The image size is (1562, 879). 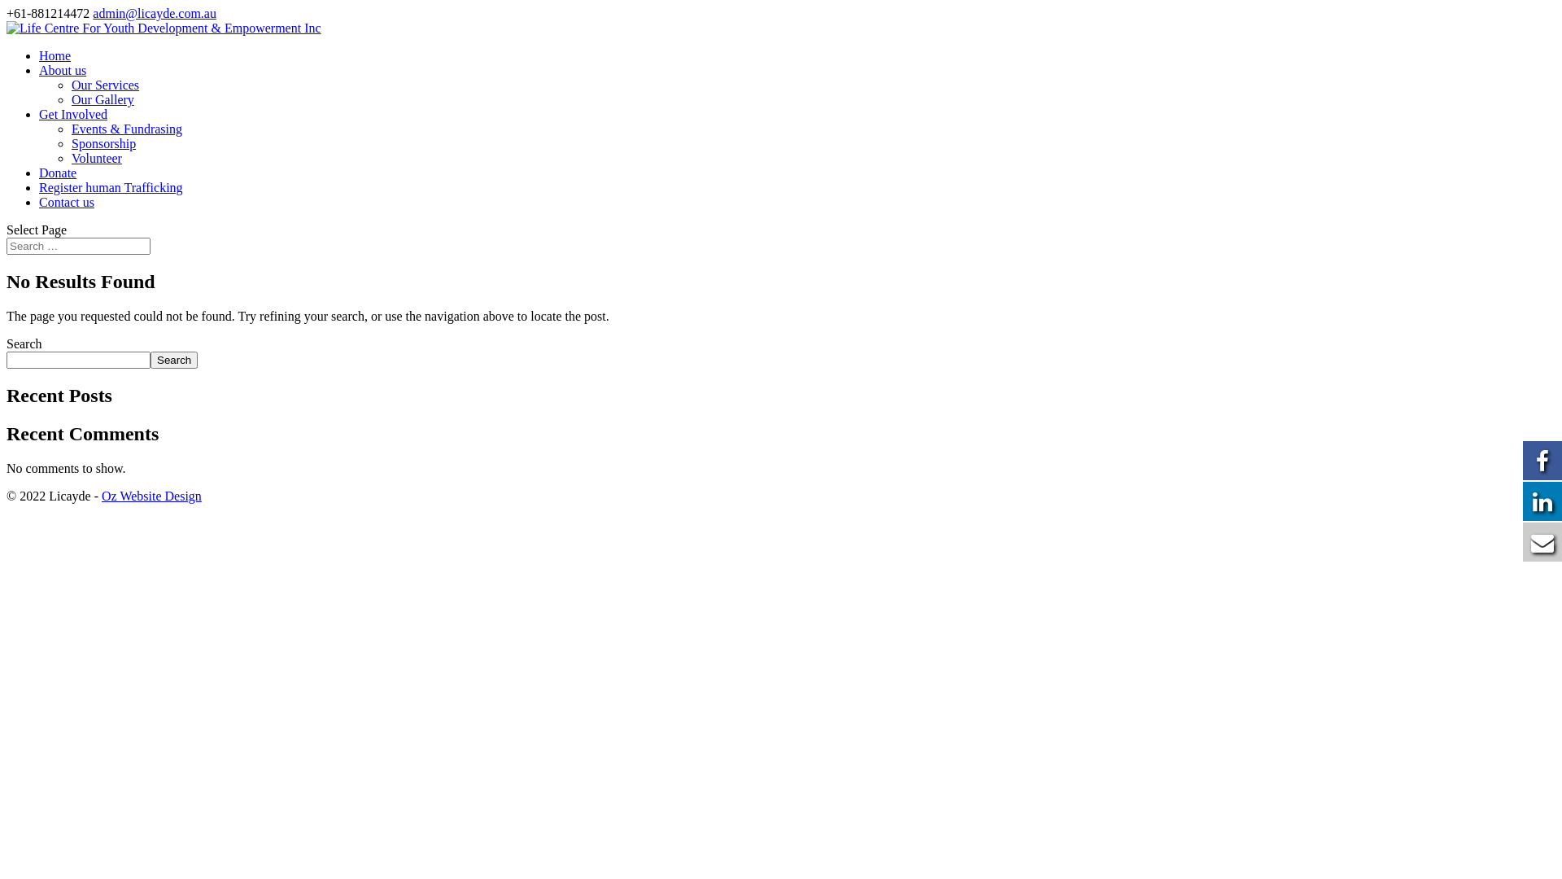 What do you see at coordinates (77, 246) in the screenshot?
I see `'Search for:'` at bounding box center [77, 246].